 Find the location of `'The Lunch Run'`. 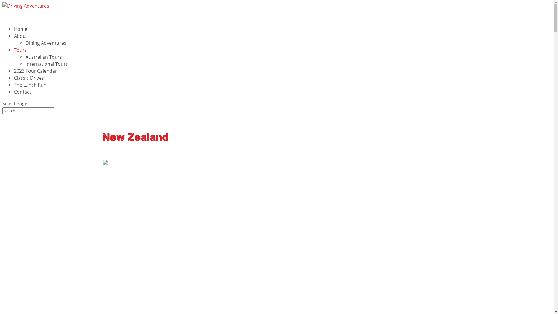

'The Lunch Run' is located at coordinates (14, 91).